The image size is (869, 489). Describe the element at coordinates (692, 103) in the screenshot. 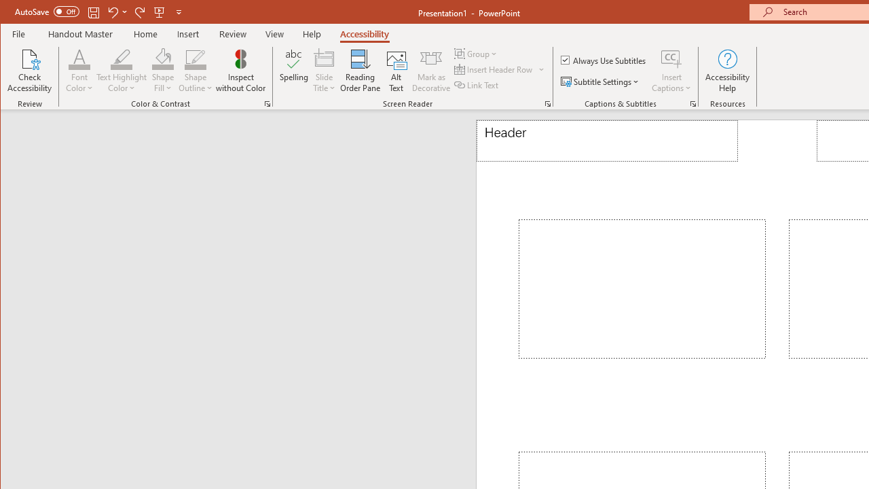

I see `'Captions & Subtitles'` at that location.